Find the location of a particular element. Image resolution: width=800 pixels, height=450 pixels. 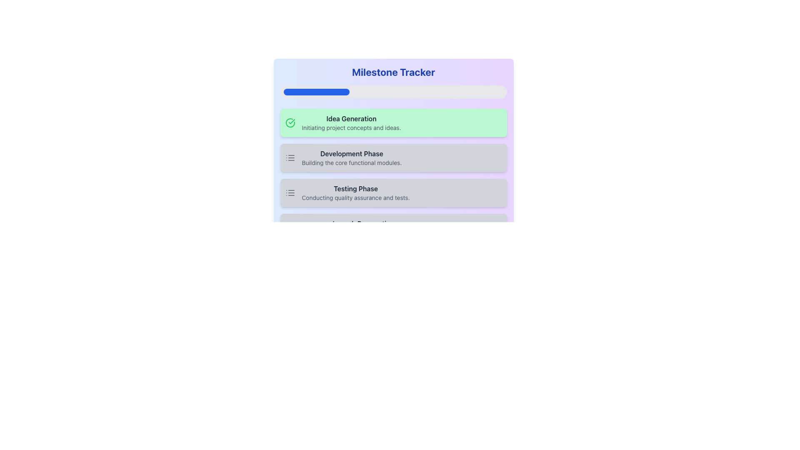

the gray rectangular icon with three horizontal lines representing a list, located in the upper-left corner of the 'Testing Phase' card is located at coordinates (290, 192).